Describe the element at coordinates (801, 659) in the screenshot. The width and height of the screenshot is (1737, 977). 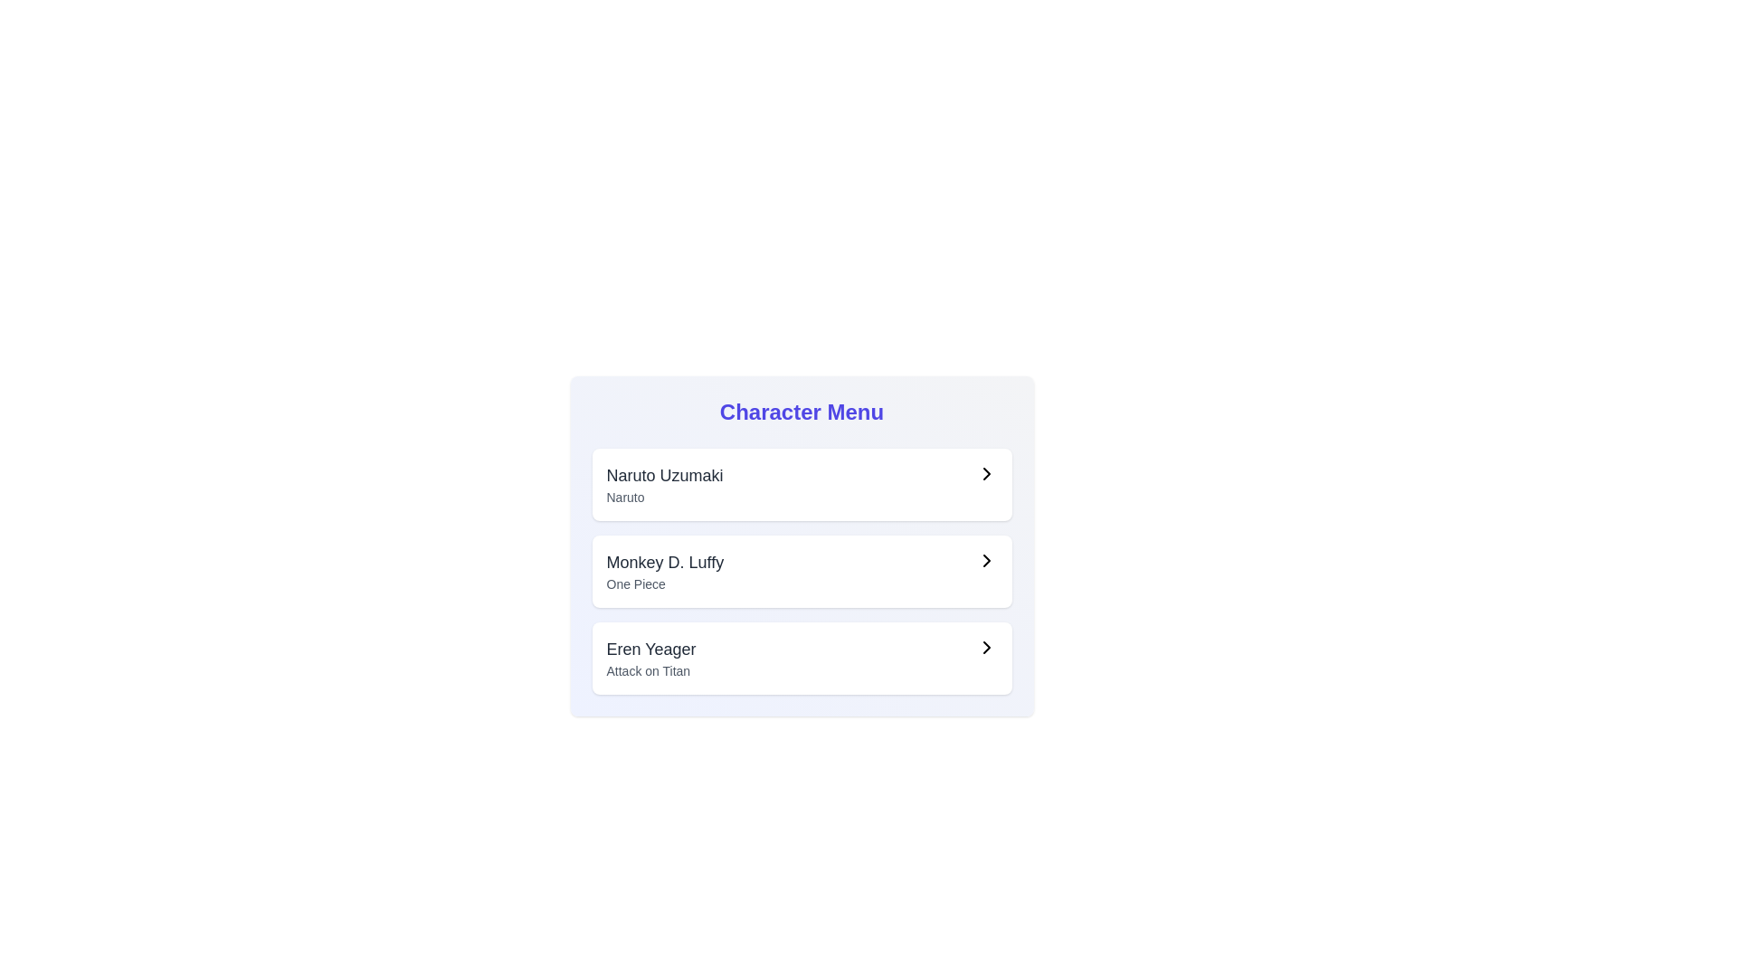
I see `the 'Eren Yeager' card, which is the third card in the 'Character Menu'` at that location.